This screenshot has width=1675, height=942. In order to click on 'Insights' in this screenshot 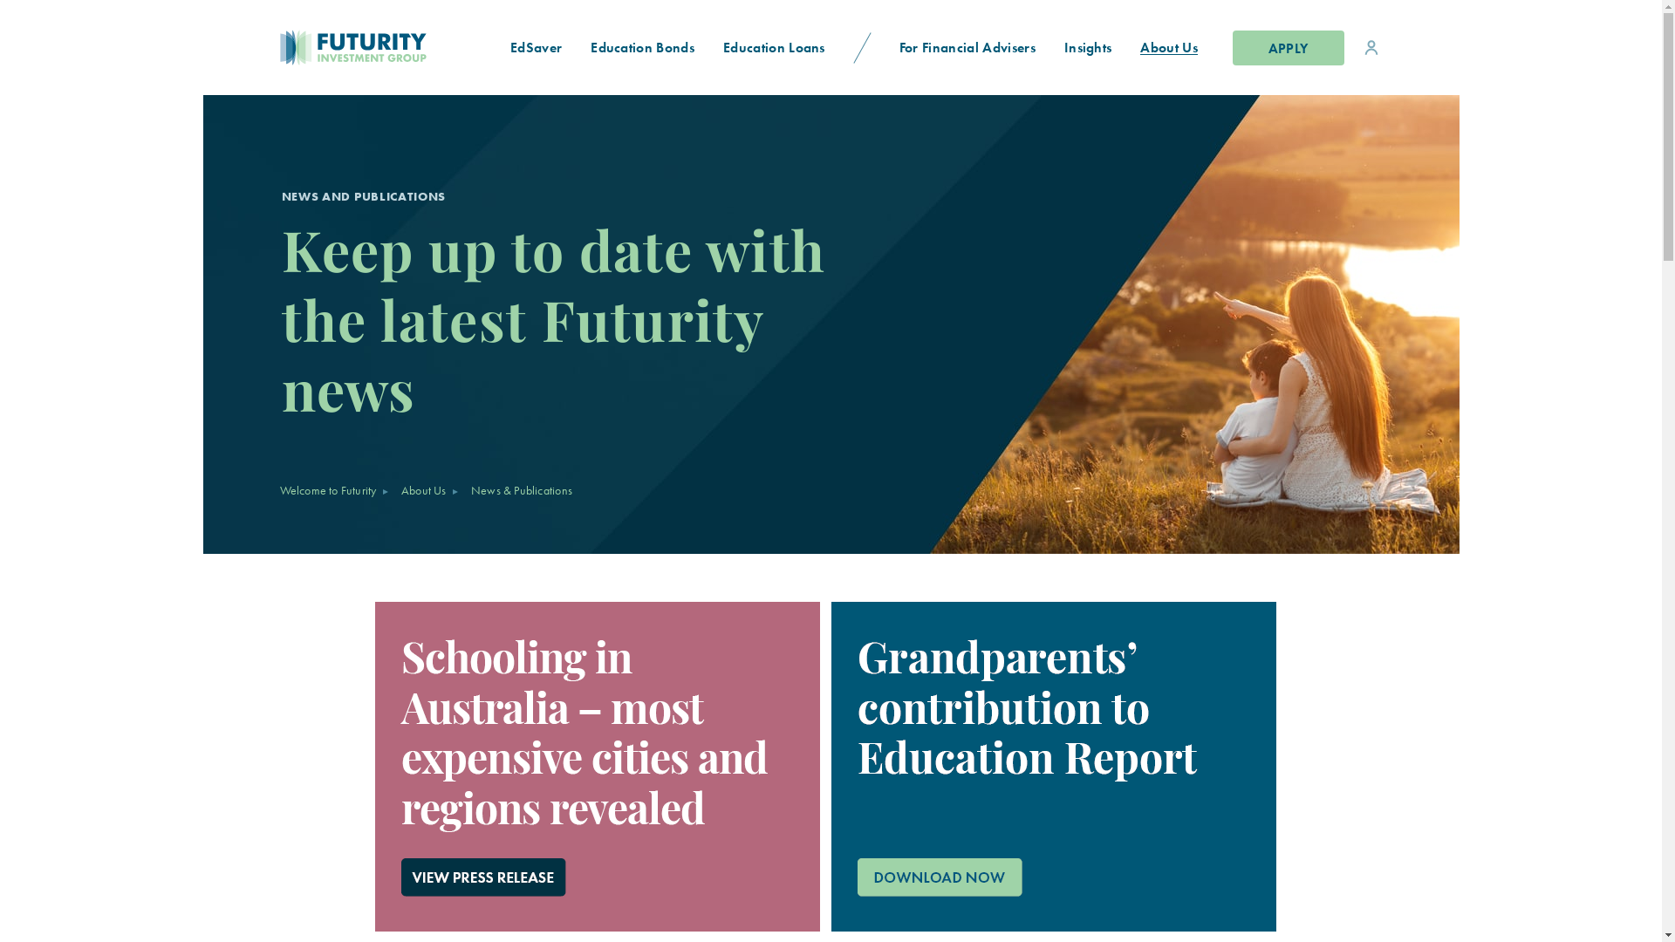, I will do `click(1087, 46)`.